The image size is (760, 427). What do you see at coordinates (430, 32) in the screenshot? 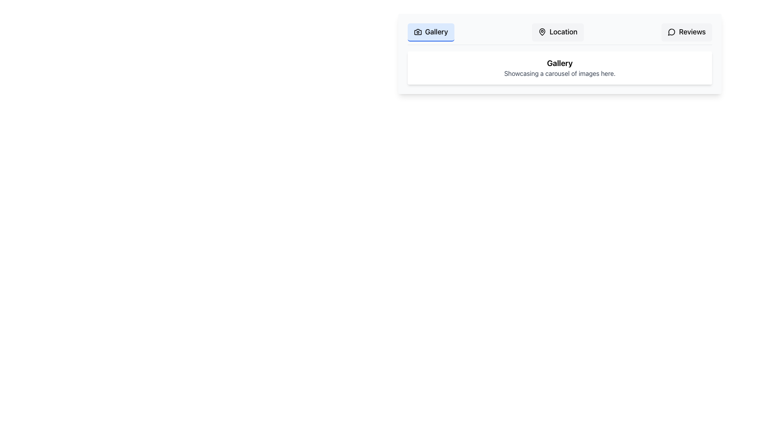
I see `the 'Gallery' Tab button, which is styled with a light blue background, dark text, and a camera icon, to trigger the highlighting effect` at bounding box center [430, 32].